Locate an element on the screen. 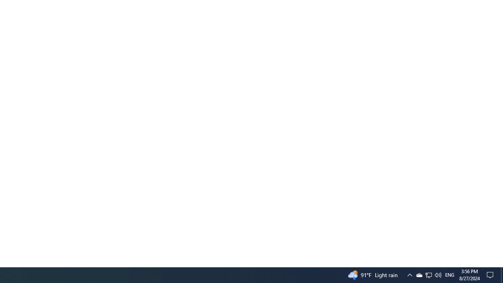 The height and width of the screenshot is (283, 503). 'Q2790: 100%' is located at coordinates (437, 274).